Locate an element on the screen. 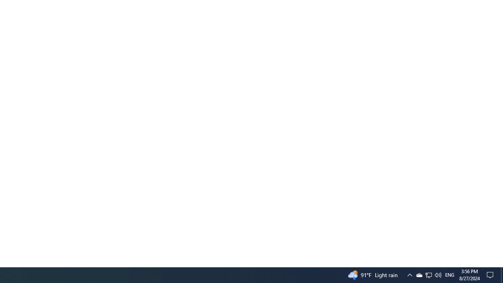 The height and width of the screenshot is (283, 503). 'Q2790: 100%' is located at coordinates (437, 274).